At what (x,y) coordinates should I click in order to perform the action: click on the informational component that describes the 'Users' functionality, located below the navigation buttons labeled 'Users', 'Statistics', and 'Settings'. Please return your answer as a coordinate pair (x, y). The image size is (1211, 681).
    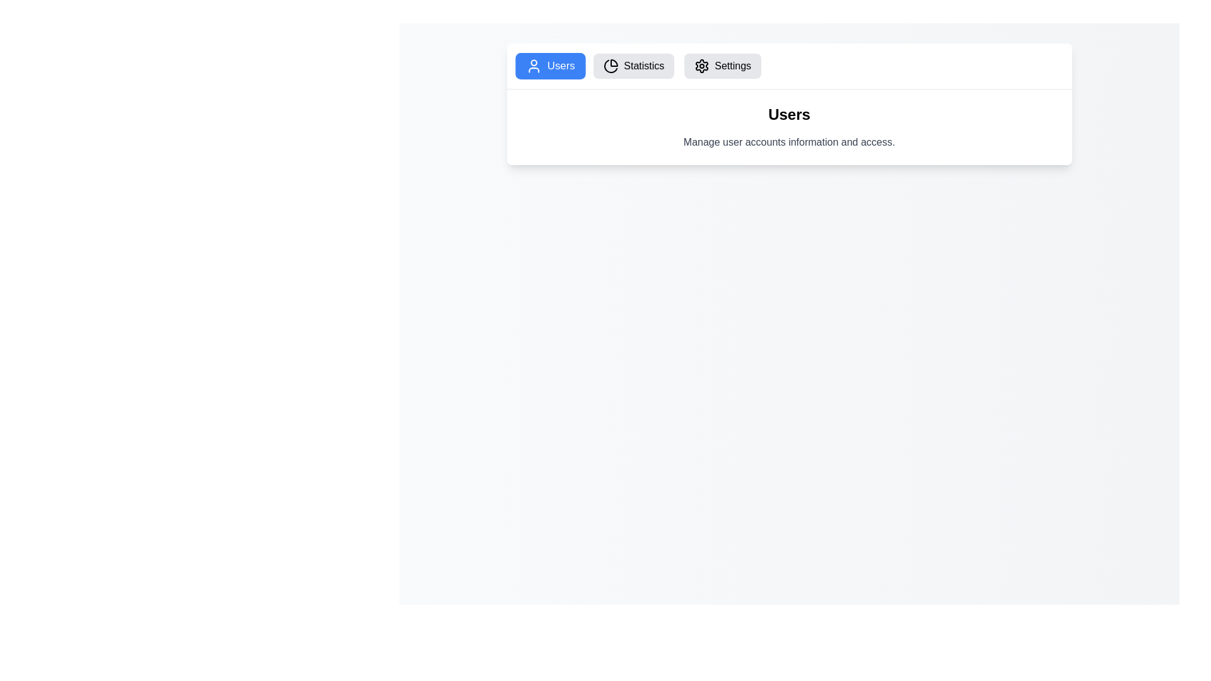
    Looking at the image, I should click on (788, 127).